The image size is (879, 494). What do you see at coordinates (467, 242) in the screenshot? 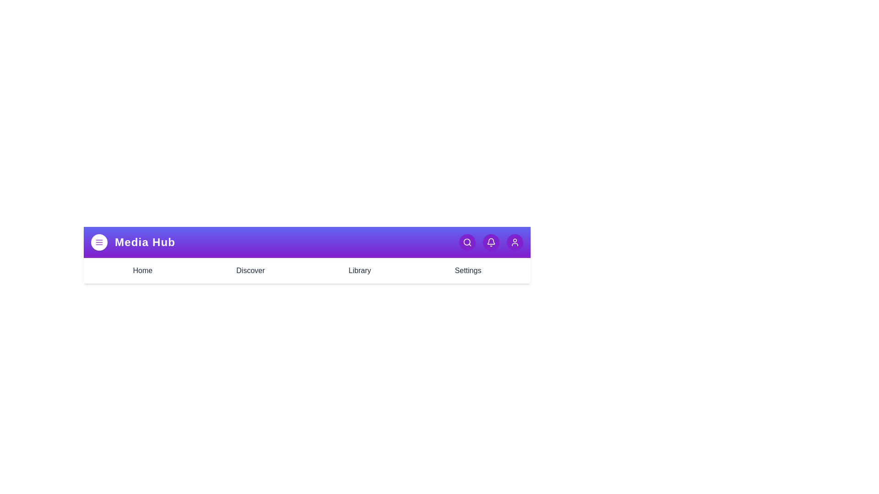
I see `the search button to initiate a search action` at bounding box center [467, 242].